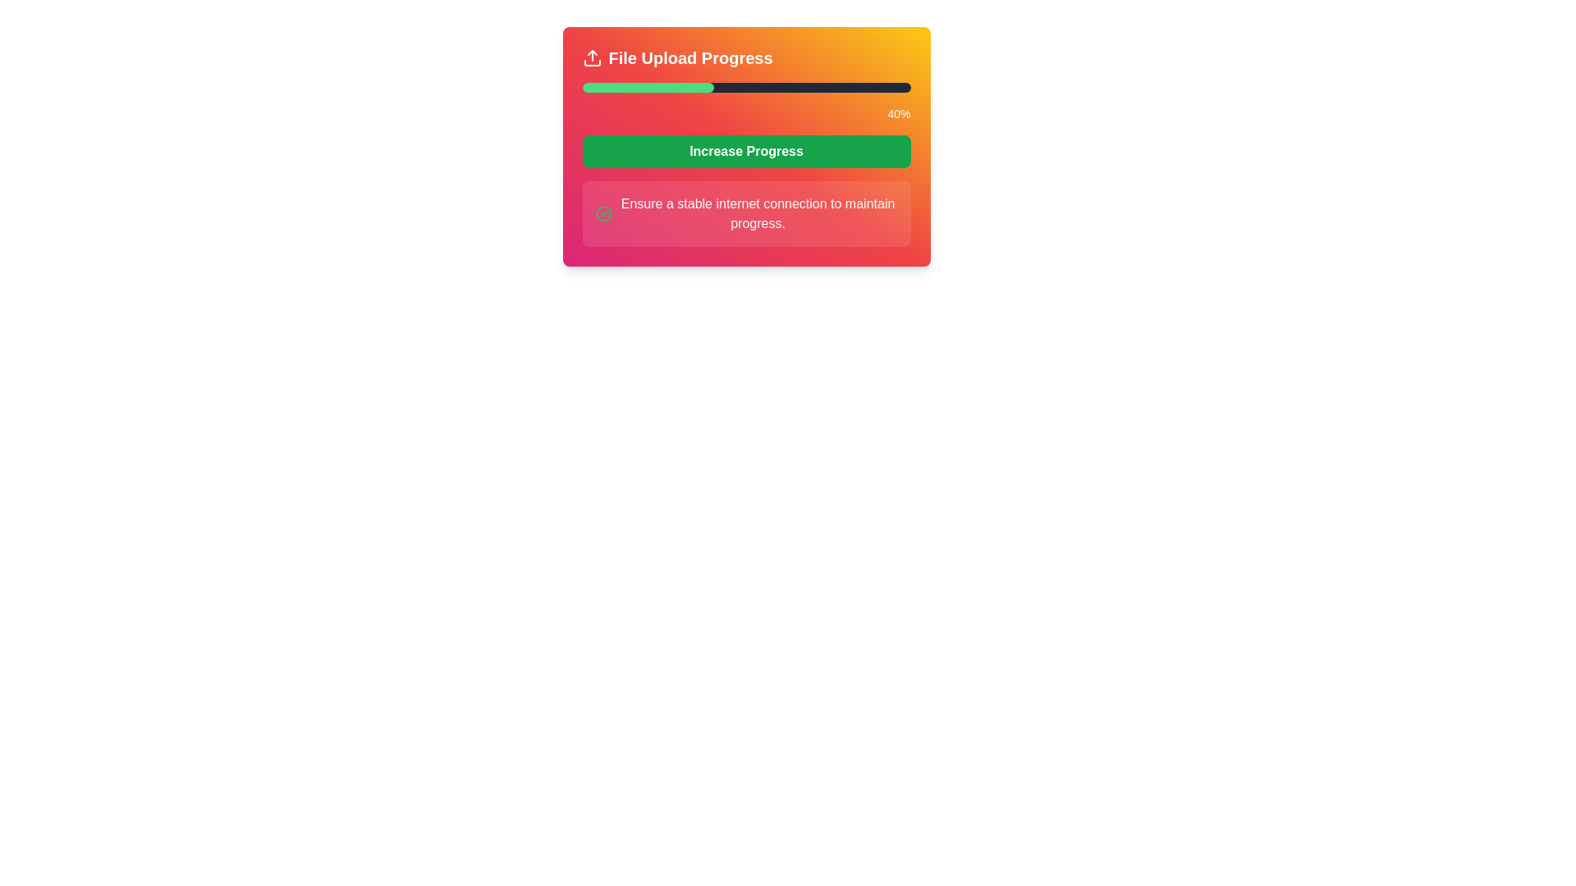 Image resolution: width=1576 pixels, height=886 pixels. What do you see at coordinates (602, 213) in the screenshot?
I see `the SVG icon that indicates successful or completed status, which is positioned to the left of the text stating 'Ensure a stable internet connection to maintain progress.'` at bounding box center [602, 213].